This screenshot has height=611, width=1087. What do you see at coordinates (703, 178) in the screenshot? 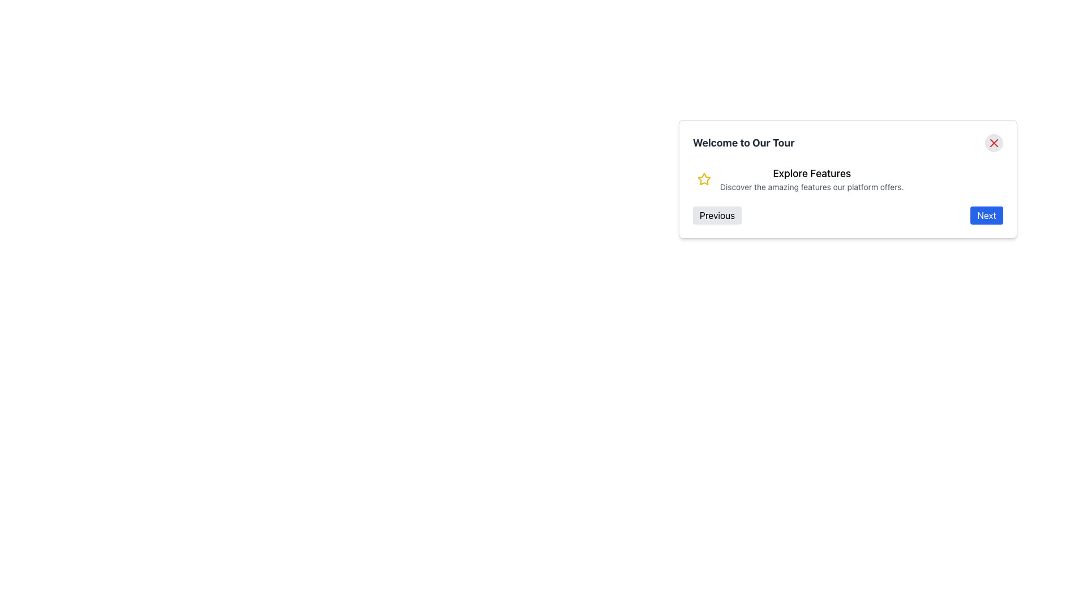
I see `the yellow star icon with a hollow interior and thin outline, located near the text 'Explore Features' in the panel` at bounding box center [703, 178].